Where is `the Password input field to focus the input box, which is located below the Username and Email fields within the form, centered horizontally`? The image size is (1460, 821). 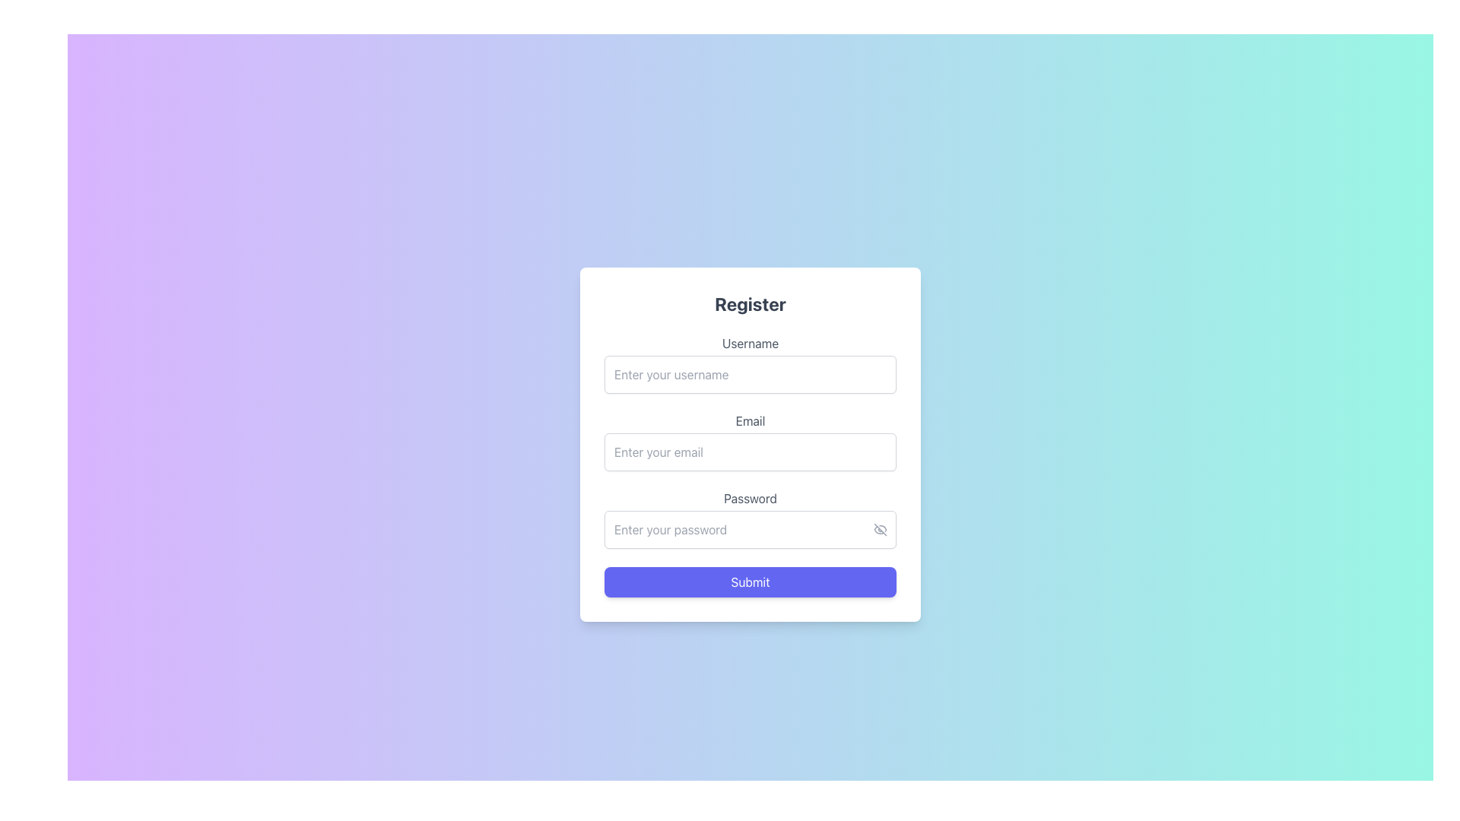
the Password input field to focus the input box, which is located below the Username and Email fields within the form, centered horizontally is located at coordinates (751, 529).